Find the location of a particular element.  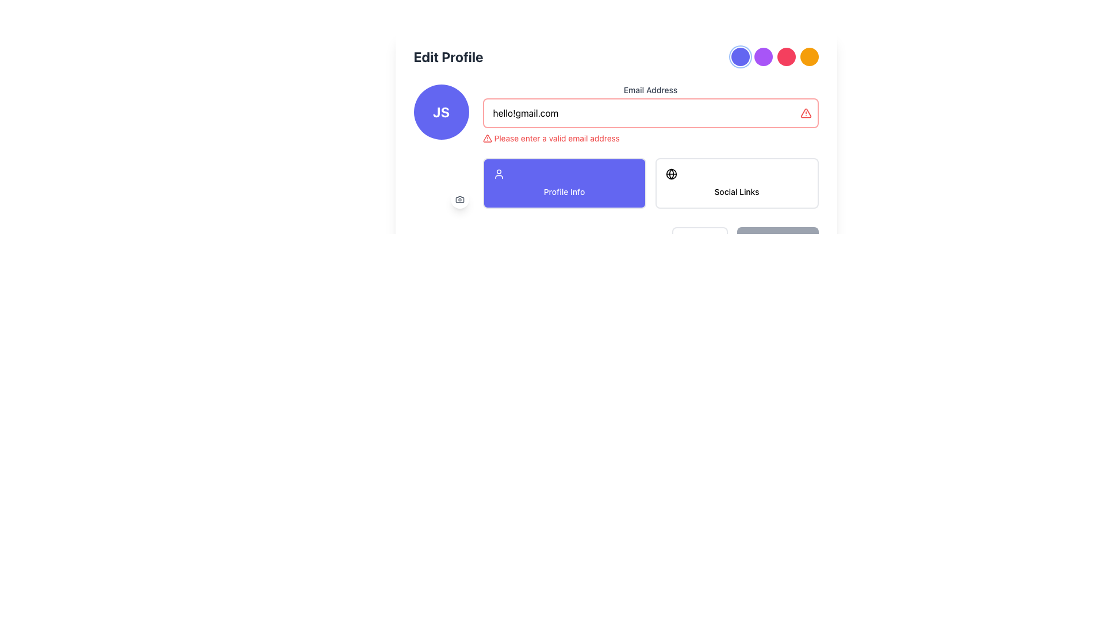

error message displayed in red beneath the email input field, which includes an alert icon on the left is located at coordinates (650, 137).